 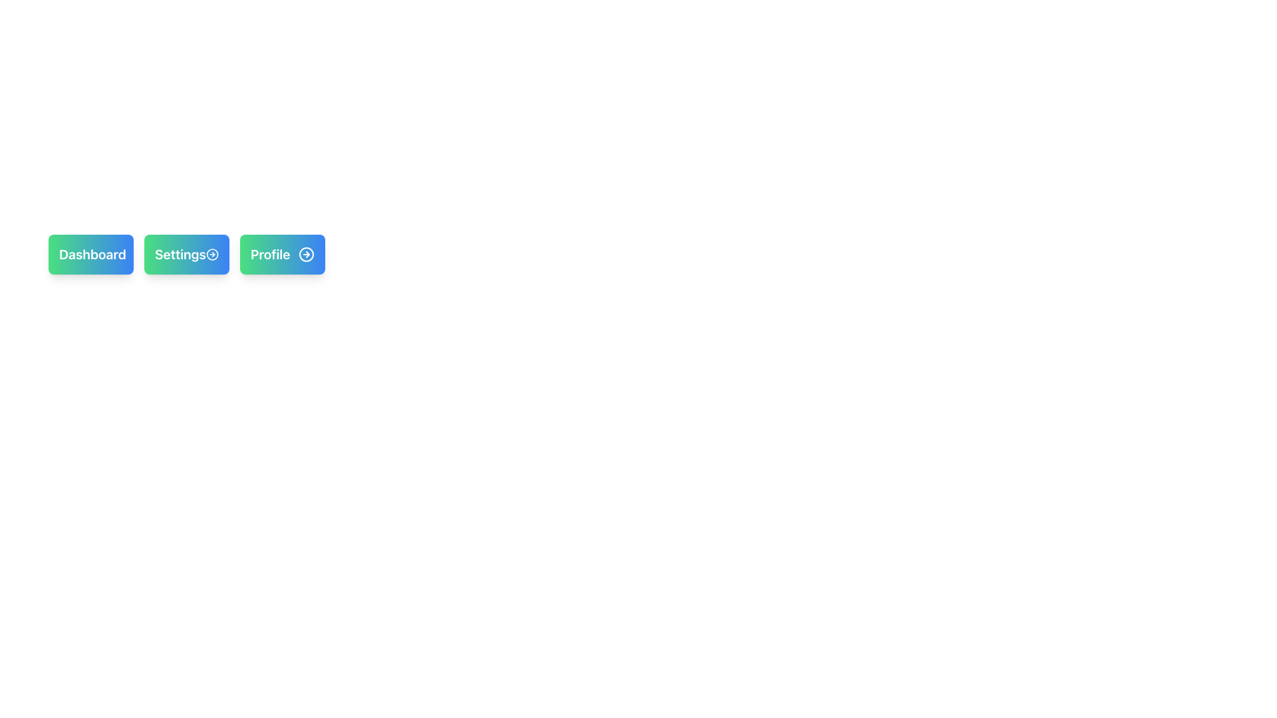 What do you see at coordinates (282, 254) in the screenshot?
I see `the 'Profile' button, which is a rectangular button with a gradient green to blue background and contains the text 'Profile' in white, bold, sans-serif font, along with a white right-arrow icon on its right side` at bounding box center [282, 254].